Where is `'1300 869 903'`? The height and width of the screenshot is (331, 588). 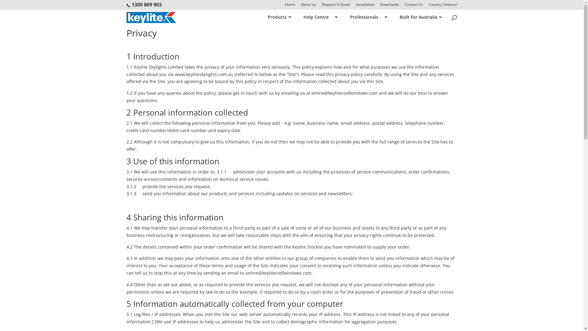 '1300 869 903' is located at coordinates (146, 5).